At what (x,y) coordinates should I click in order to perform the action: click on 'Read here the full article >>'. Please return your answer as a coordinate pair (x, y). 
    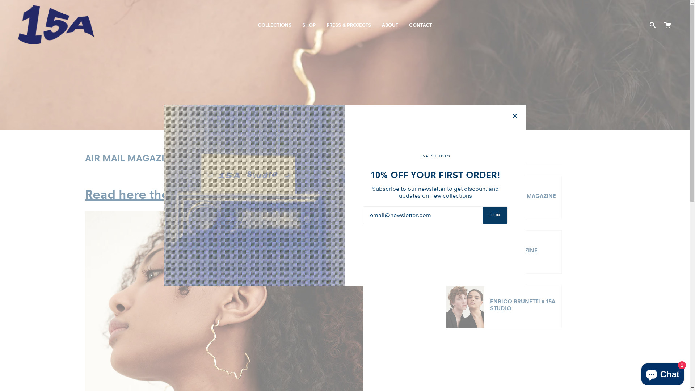
    Looking at the image, I should click on (166, 194).